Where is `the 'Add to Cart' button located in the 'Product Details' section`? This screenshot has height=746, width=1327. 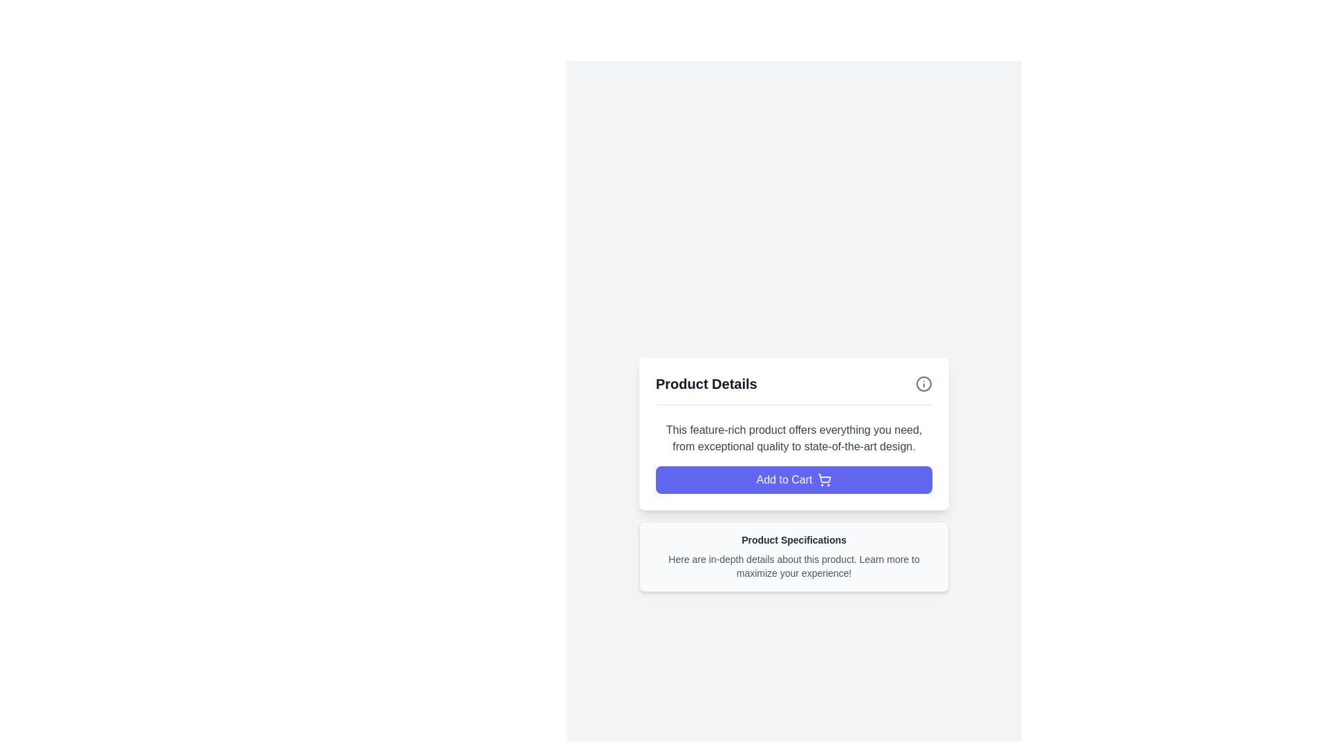 the 'Add to Cart' button located in the 'Product Details' section is located at coordinates (793, 479).